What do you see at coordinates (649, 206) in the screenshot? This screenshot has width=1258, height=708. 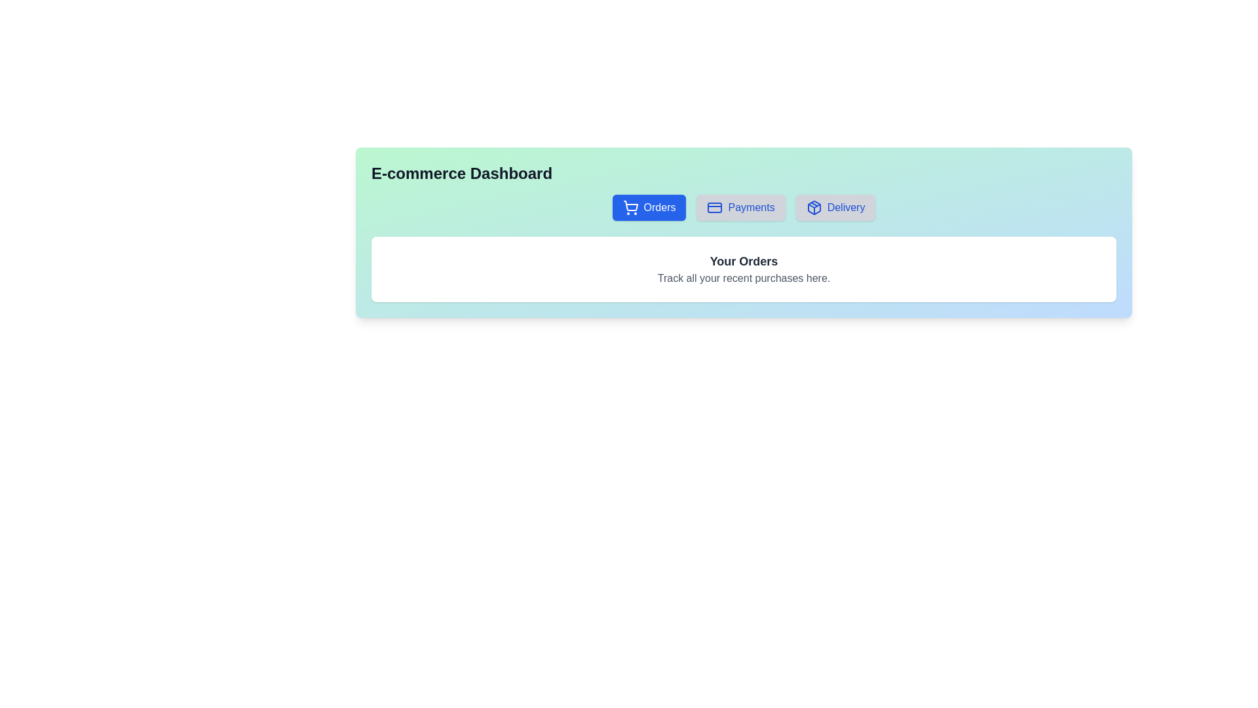 I see `the first button in the group of three buttons aligned horizontally below the 'E-commerce Dashboard' heading` at bounding box center [649, 206].